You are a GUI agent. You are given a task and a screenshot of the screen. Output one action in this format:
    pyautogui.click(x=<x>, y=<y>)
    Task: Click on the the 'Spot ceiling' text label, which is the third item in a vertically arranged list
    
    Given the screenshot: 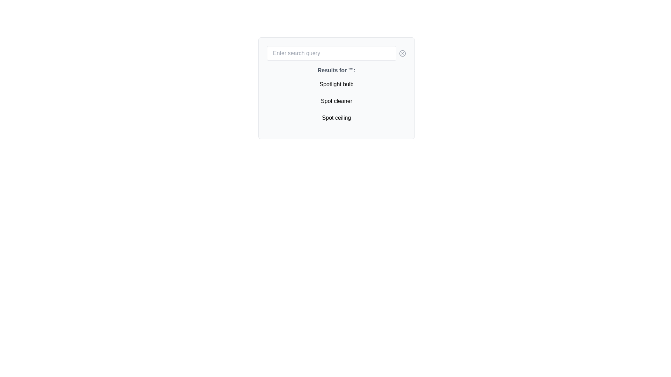 What is the action you would take?
    pyautogui.click(x=337, y=118)
    